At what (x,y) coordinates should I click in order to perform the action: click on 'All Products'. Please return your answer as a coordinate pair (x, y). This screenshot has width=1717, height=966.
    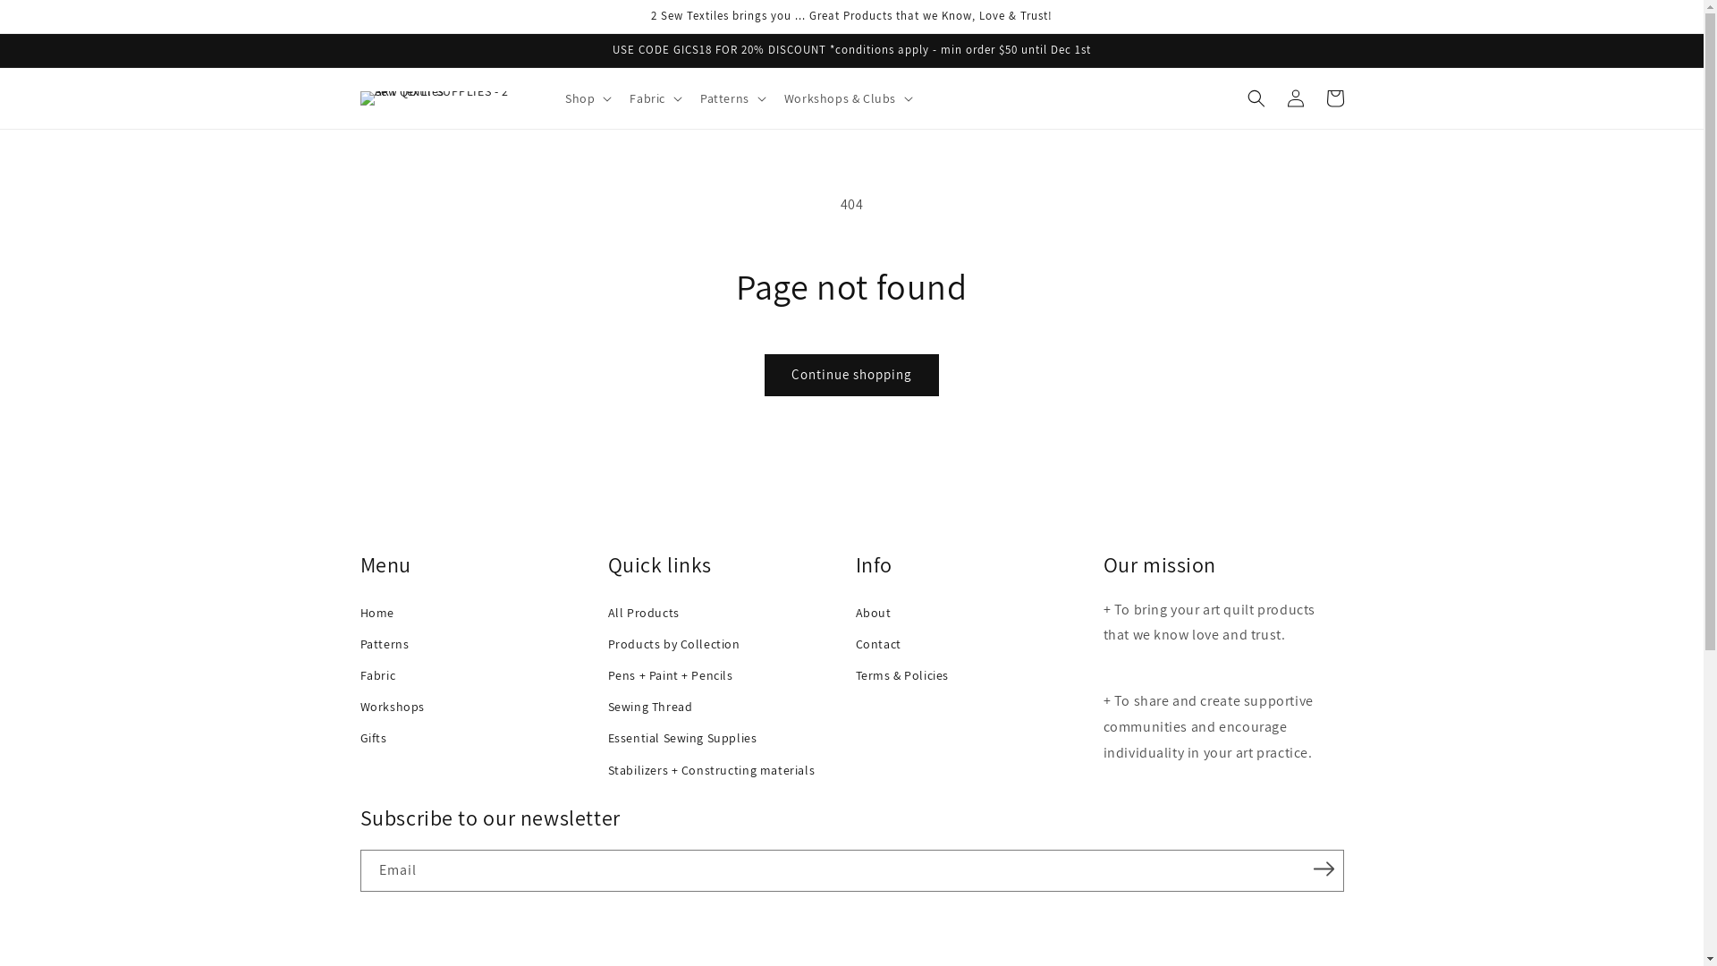
    Looking at the image, I should click on (608, 612).